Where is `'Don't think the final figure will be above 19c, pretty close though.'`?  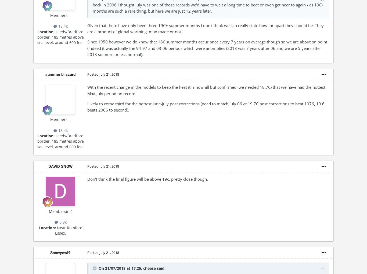 'Don't think the final figure will be above 19c, pretty close though.' is located at coordinates (147, 178).